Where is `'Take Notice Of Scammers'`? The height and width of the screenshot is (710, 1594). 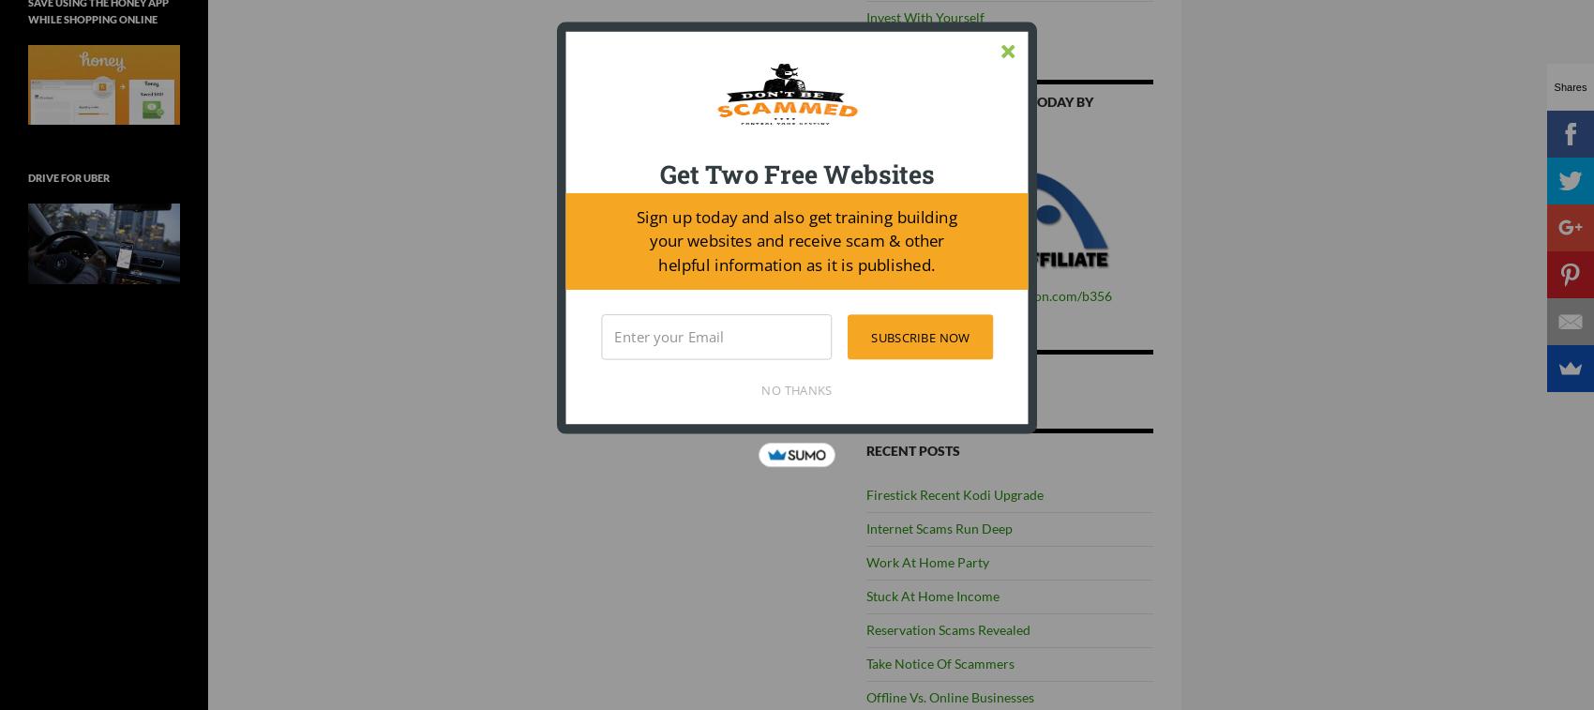 'Take Notice Of Scammers' is located at coordinates (940, 663).